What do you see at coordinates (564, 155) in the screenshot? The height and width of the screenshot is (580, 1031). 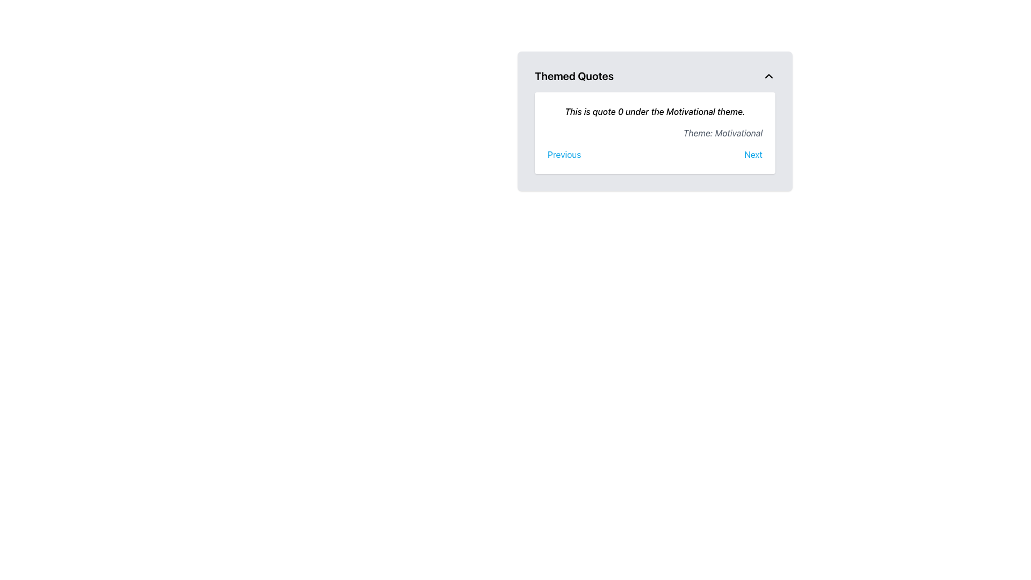 I see `the blue 'Previous' button located at the bottom left of the main content box` at bounding box center [564, 155].